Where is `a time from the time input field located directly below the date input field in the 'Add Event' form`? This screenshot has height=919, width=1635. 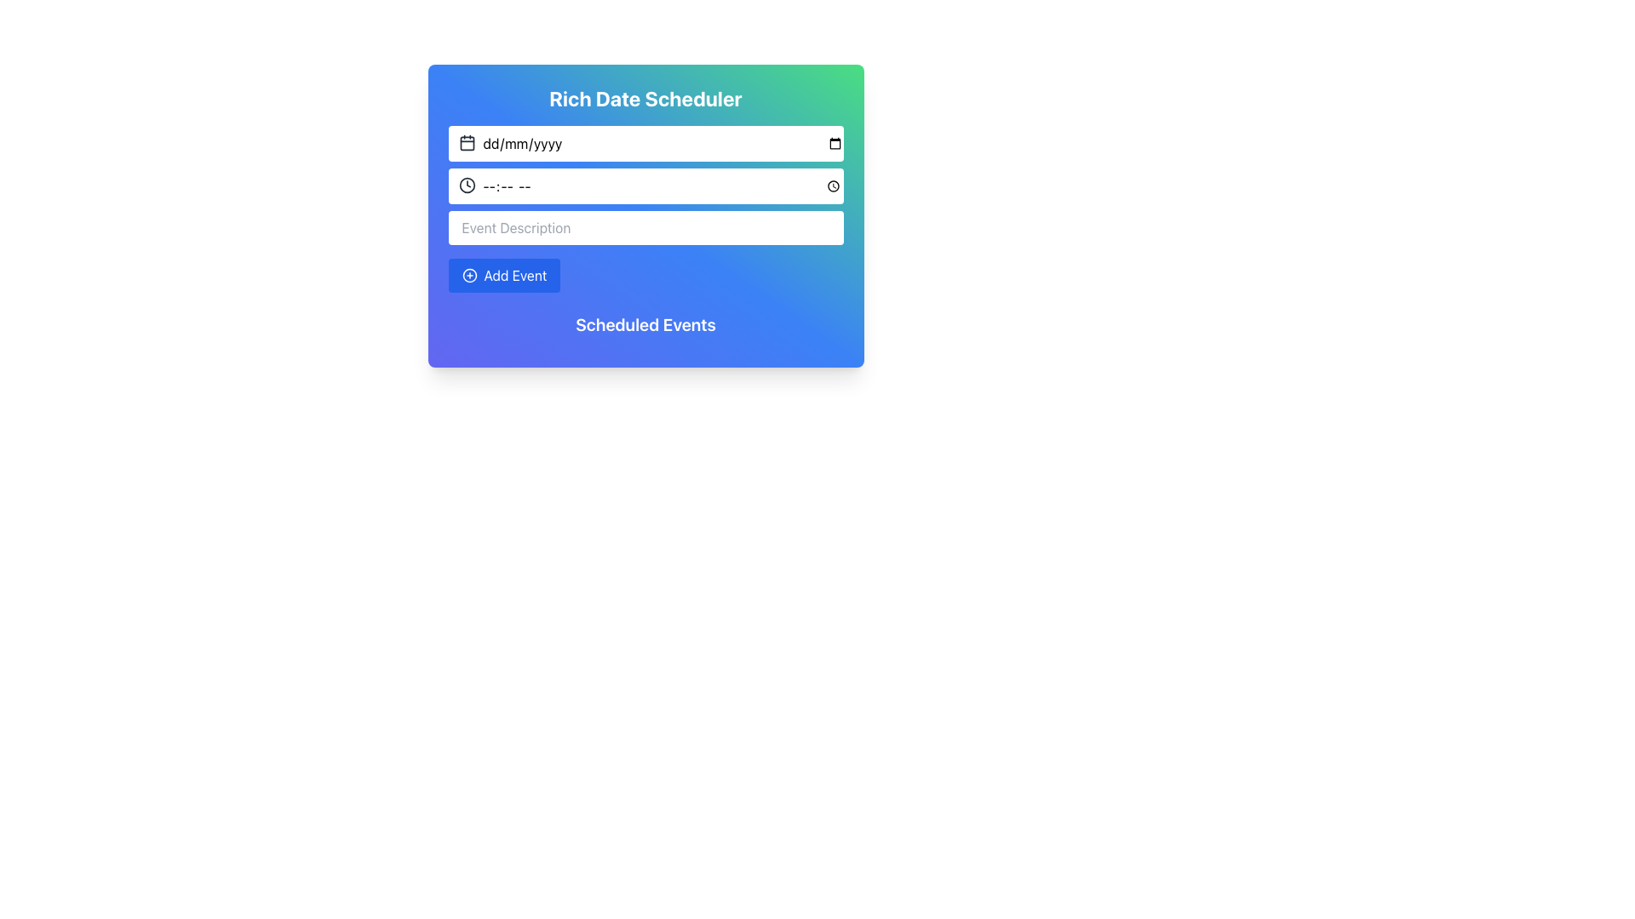
a time from the time input field located directly below the date input field in the 'Add Event' form is located at coordinates (645, 186).